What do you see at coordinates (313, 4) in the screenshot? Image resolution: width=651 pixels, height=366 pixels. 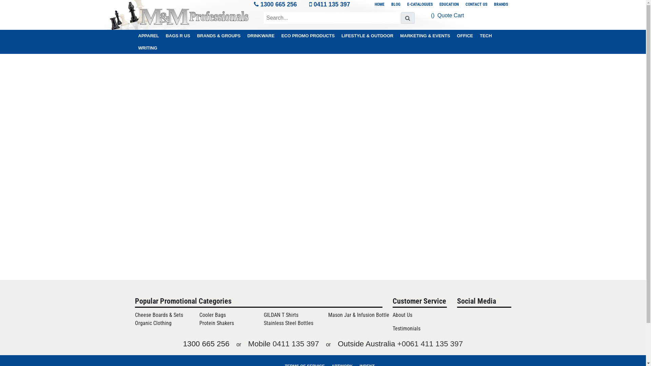 I see `'0411 135 397'` at bounding box center [313, 4].